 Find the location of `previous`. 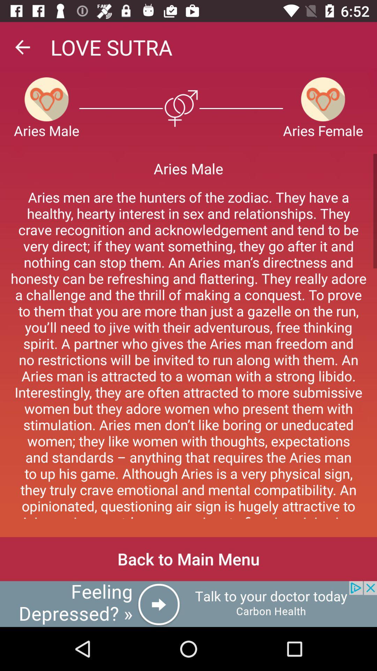

previous is located at coordinates (22, 47).